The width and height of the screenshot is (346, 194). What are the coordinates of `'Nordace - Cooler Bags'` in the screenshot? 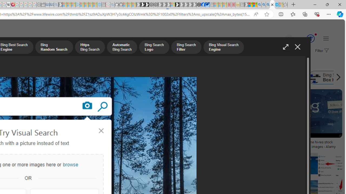 It's located at (199, 5).